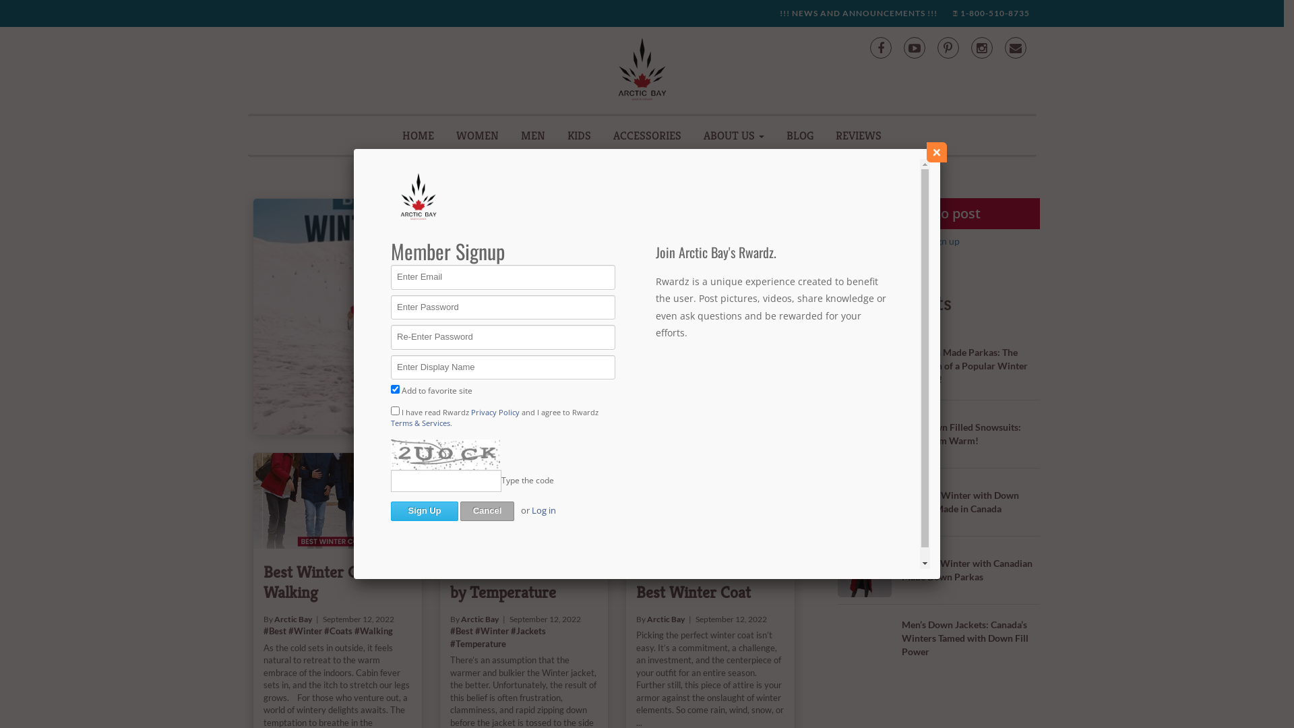 The height and width of the screenshot is (728, 1294). I want to click on 'Conquer Winter with Canadian Made Down Parkas', so click(966, 570).